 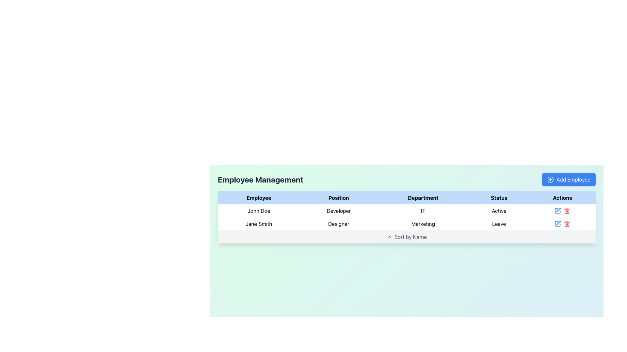 What do you see at coordinates (406, 237) in the screenshot?
I see `the 'Sort by Name' button located at the bottom of the table, which features a gray text and an upward-pointing chevron icon` at bounding box center [406, 237].